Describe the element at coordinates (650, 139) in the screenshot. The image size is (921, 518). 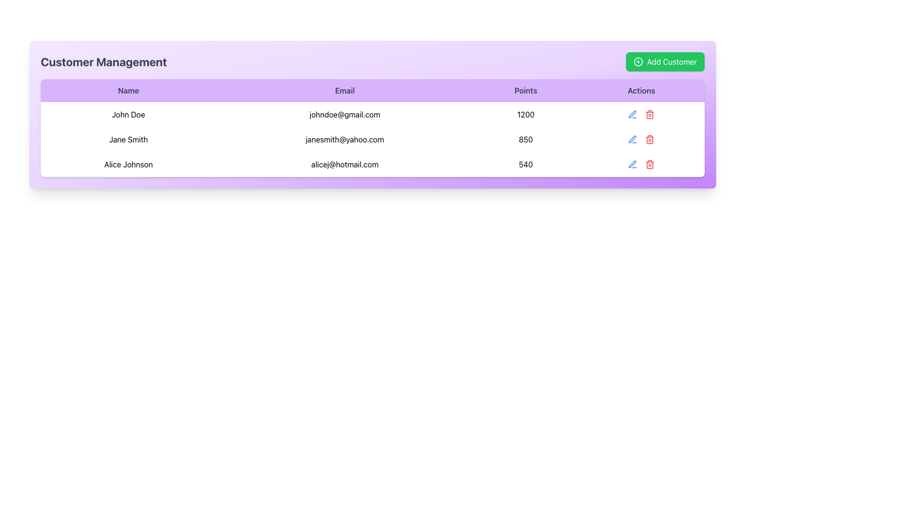
I see `the delete icon located in the 'Actions' column of the customer details table for the second customer, Jane Smith, to initiate a delete action` at that location.